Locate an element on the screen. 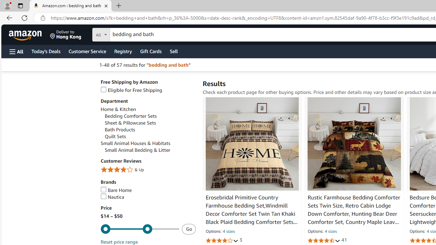 The width and height of the screenshot is (436, 245). 'Go - Submit price range' is located at coordinates (189, 229).